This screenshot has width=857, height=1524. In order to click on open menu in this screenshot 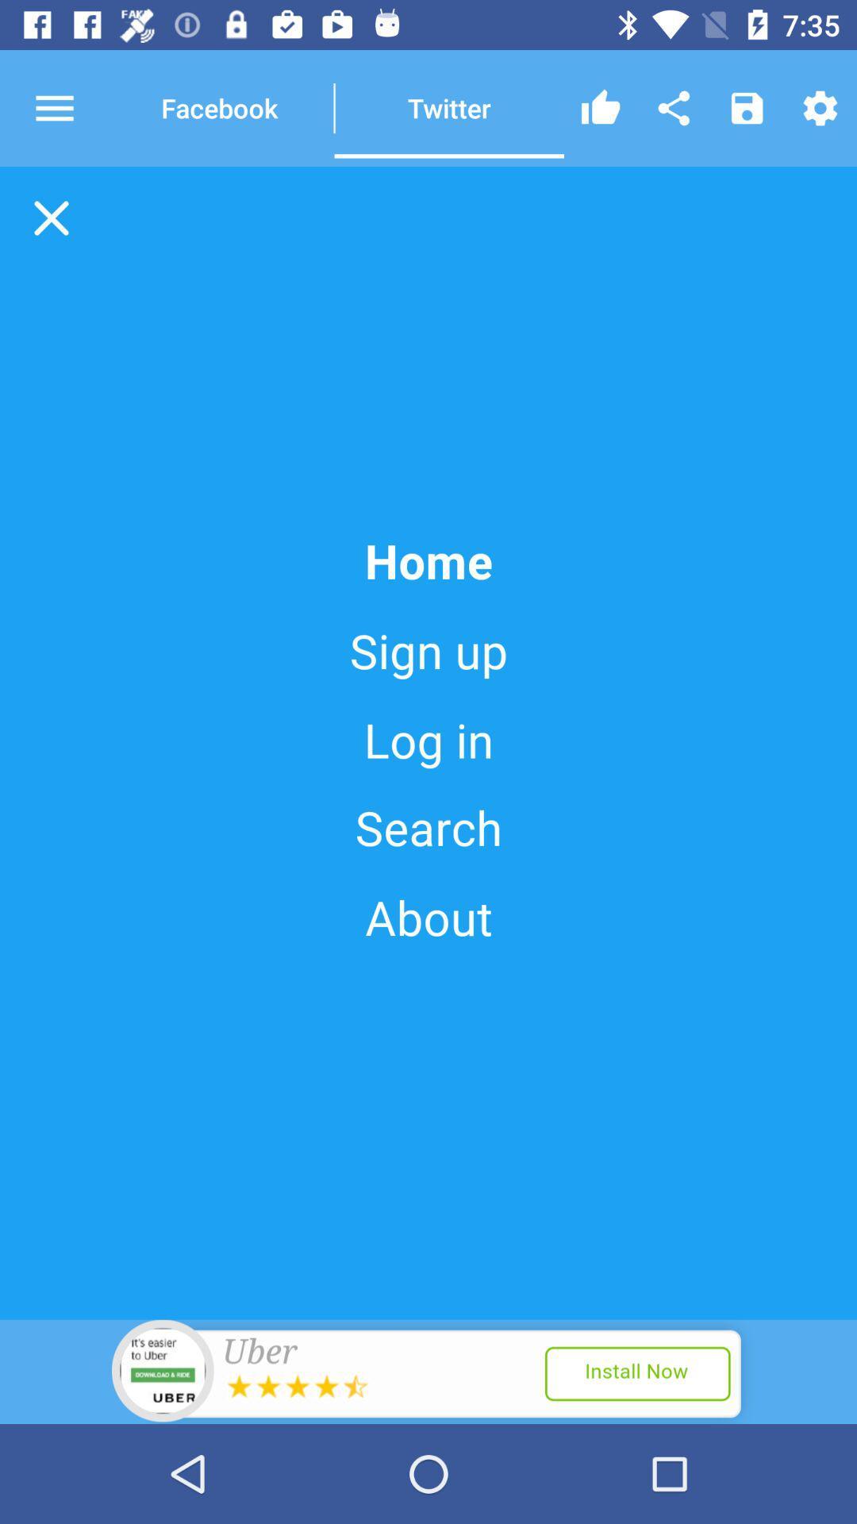, I will do `click(68, 107)`.